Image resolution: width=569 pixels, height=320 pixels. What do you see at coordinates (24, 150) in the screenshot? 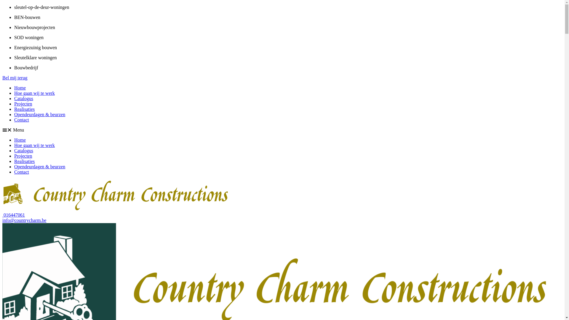
I see `'Catalogus'` at bounding box center [24, 150].